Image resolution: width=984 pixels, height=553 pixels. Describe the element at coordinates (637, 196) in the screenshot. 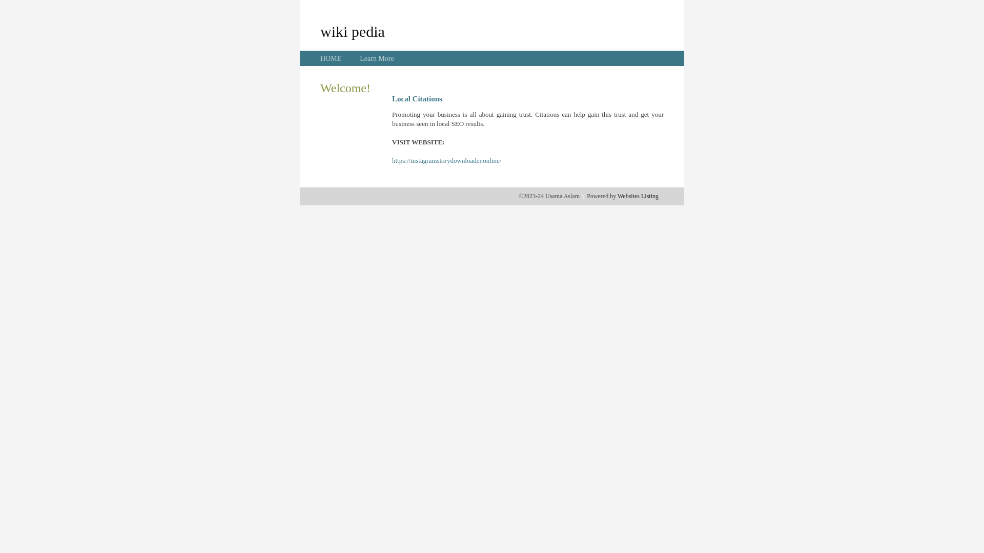

I see `'Websites Listing'` at that location.